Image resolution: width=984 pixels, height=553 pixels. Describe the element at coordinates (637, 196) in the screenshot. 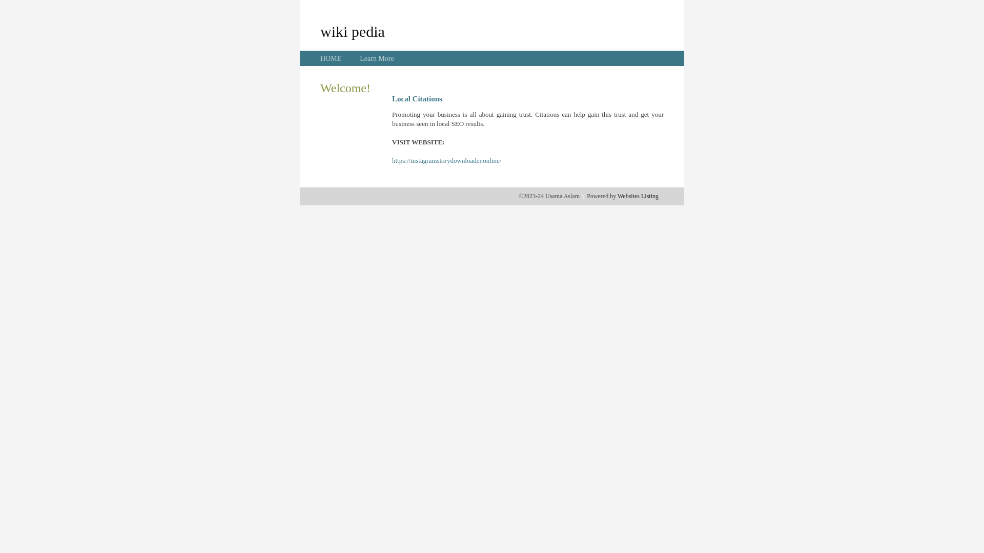

I see `'Websites Listing'` at that location.